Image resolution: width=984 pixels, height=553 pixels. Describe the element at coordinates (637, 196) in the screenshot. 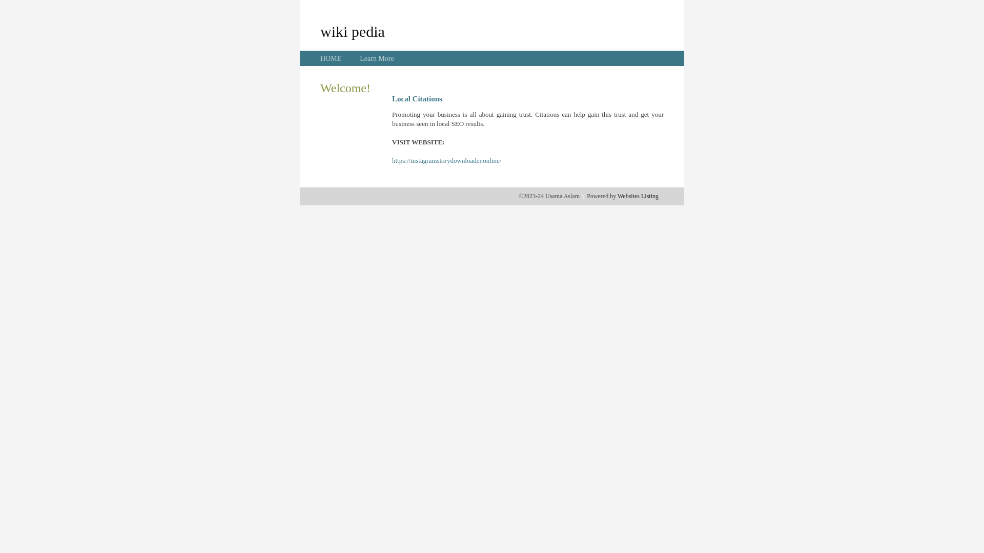

I see `'Websites Listing'` at that location.